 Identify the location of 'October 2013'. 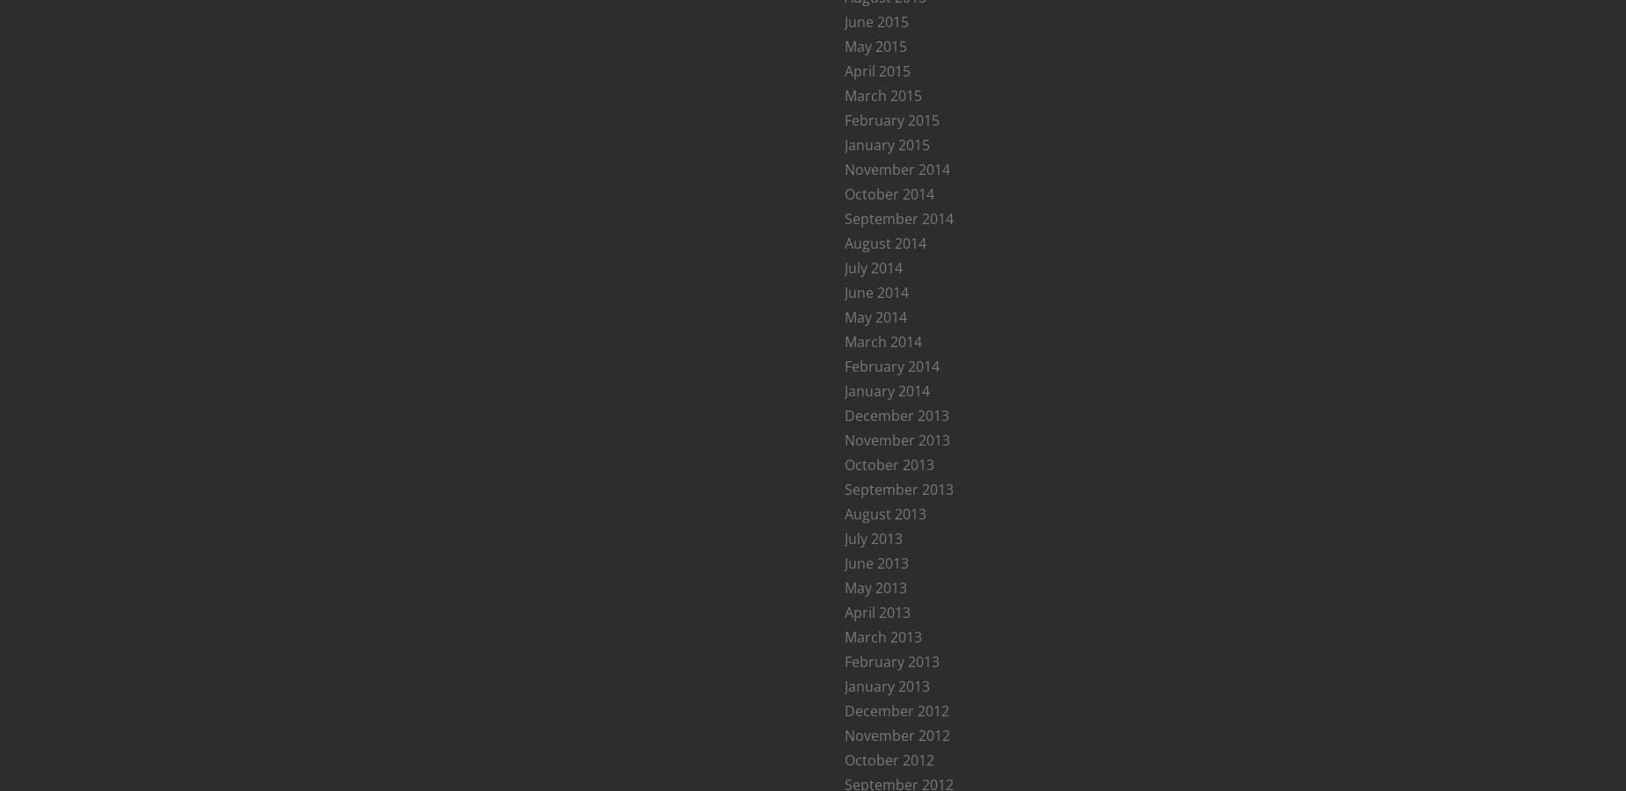
(888, 463).